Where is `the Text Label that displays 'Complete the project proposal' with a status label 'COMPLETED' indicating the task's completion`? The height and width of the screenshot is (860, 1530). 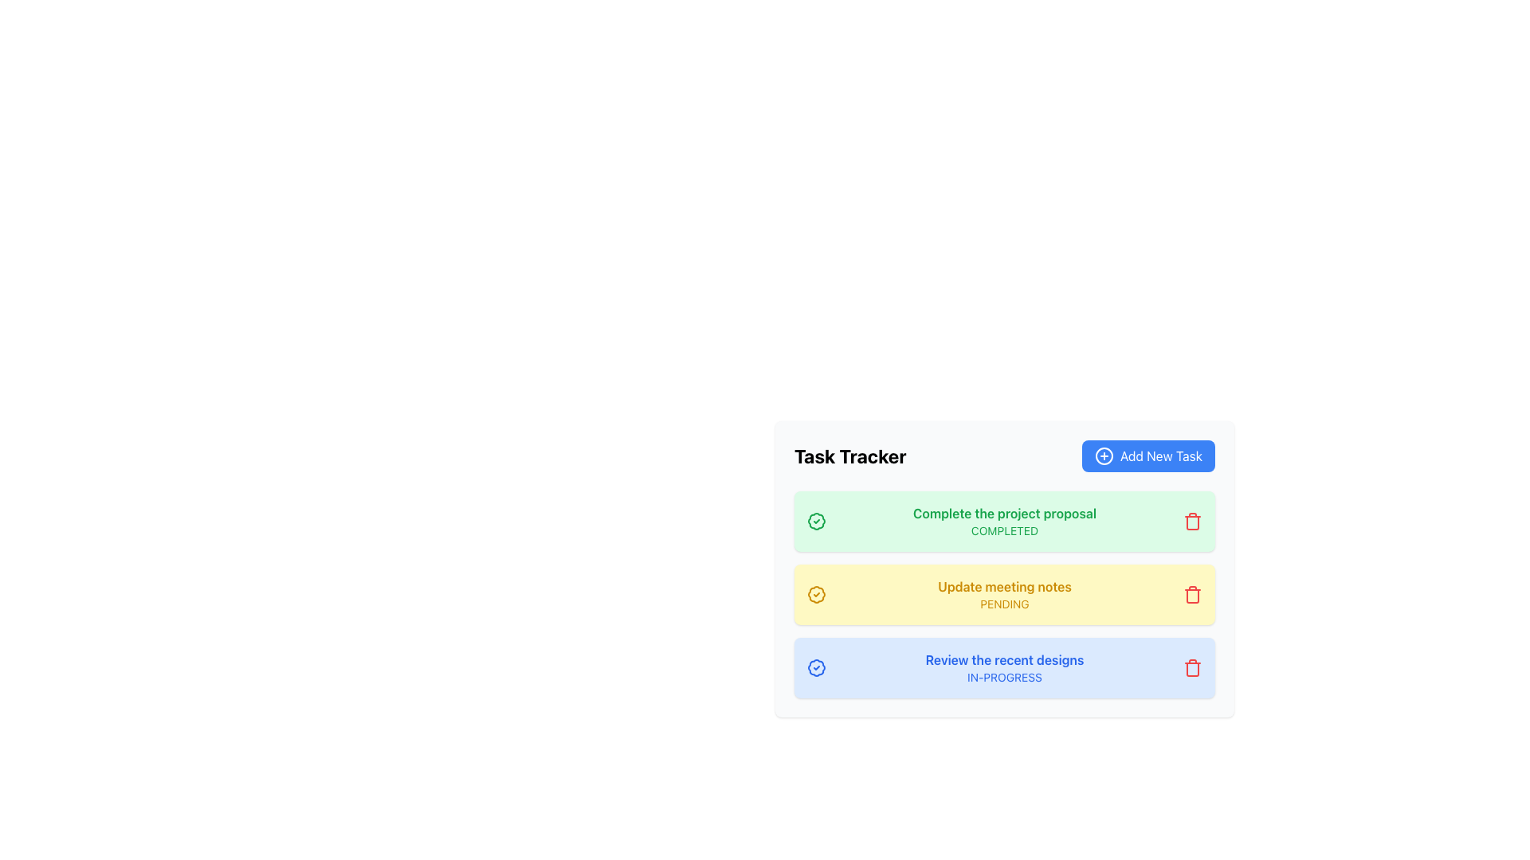
the Text Label that displays 'Complete the project proposal' with a status label 'COMPLETED' indicating the task's completion is located at coordinates (1004, 522).